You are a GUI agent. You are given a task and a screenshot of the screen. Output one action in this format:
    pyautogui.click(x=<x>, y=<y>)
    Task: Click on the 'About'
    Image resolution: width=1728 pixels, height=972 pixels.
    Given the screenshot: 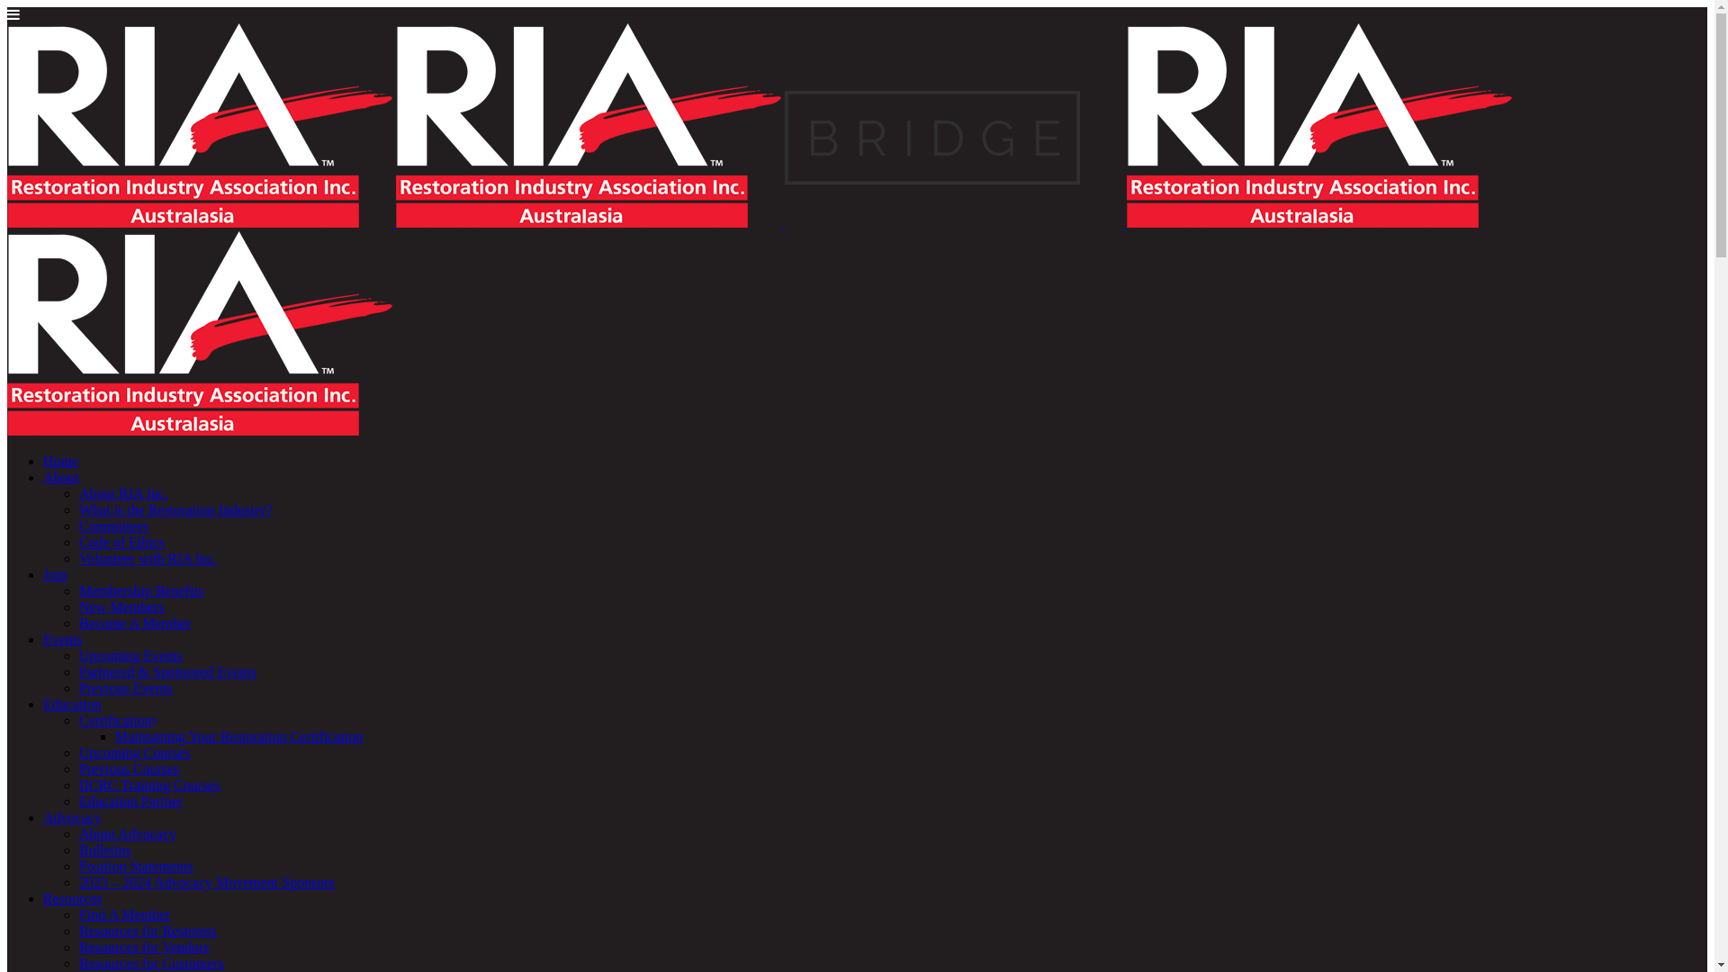 What is the action you would take?
    pyautogui.click(x=43, y=476)
    